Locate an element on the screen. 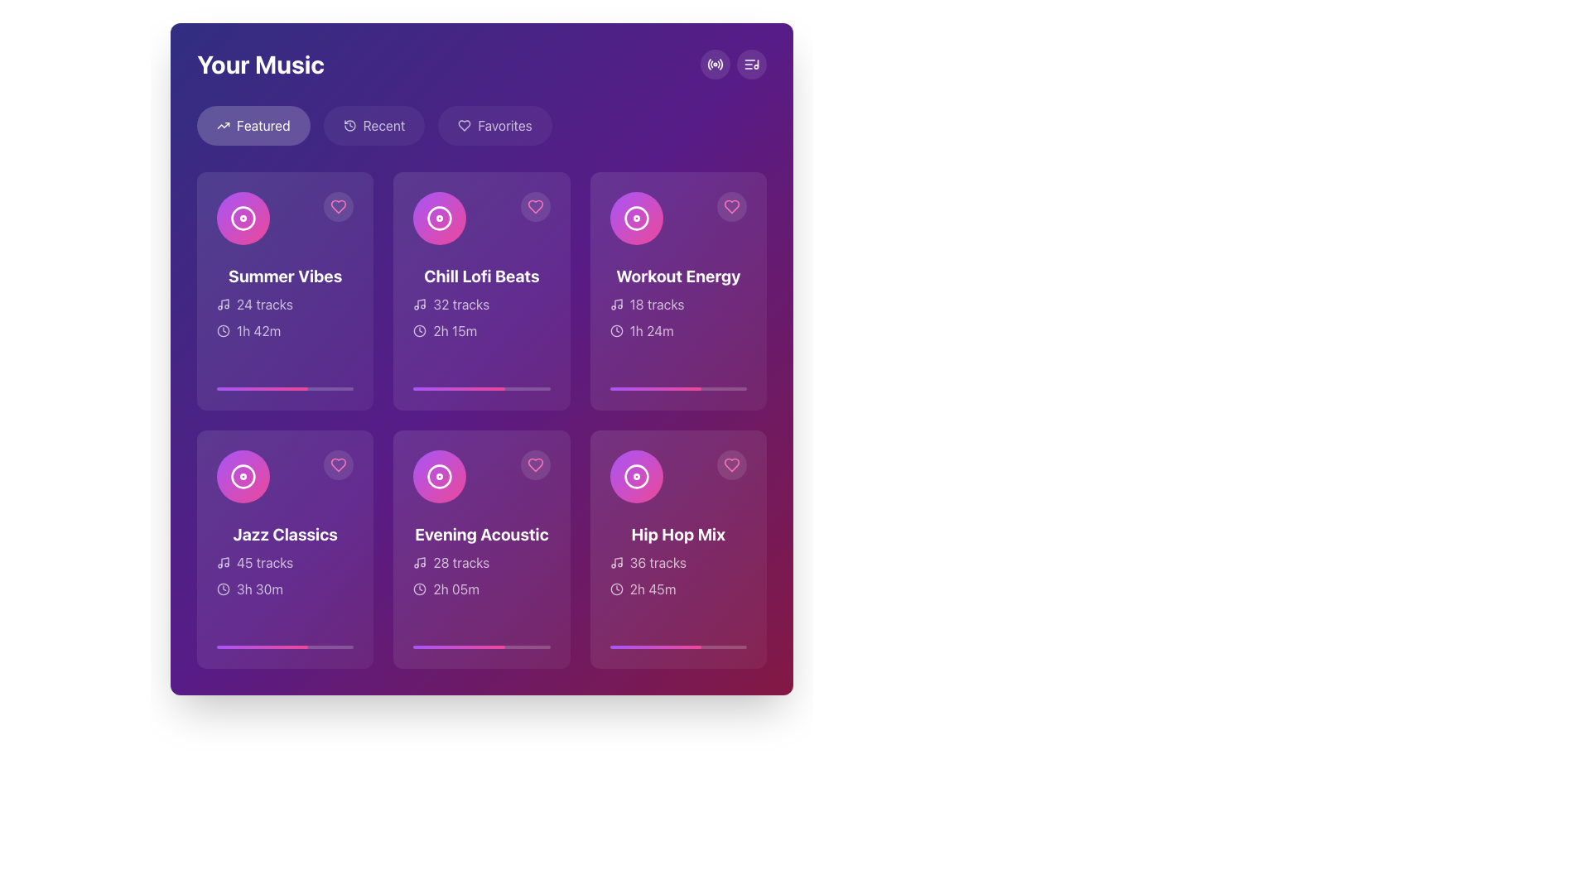 Image resolution: width=1590 pixels, height=894 pixels. the time-related icon located to the left of the '1h 24m' duration label within the 'Workout Energy' card section is located at coordinates (615, 331).